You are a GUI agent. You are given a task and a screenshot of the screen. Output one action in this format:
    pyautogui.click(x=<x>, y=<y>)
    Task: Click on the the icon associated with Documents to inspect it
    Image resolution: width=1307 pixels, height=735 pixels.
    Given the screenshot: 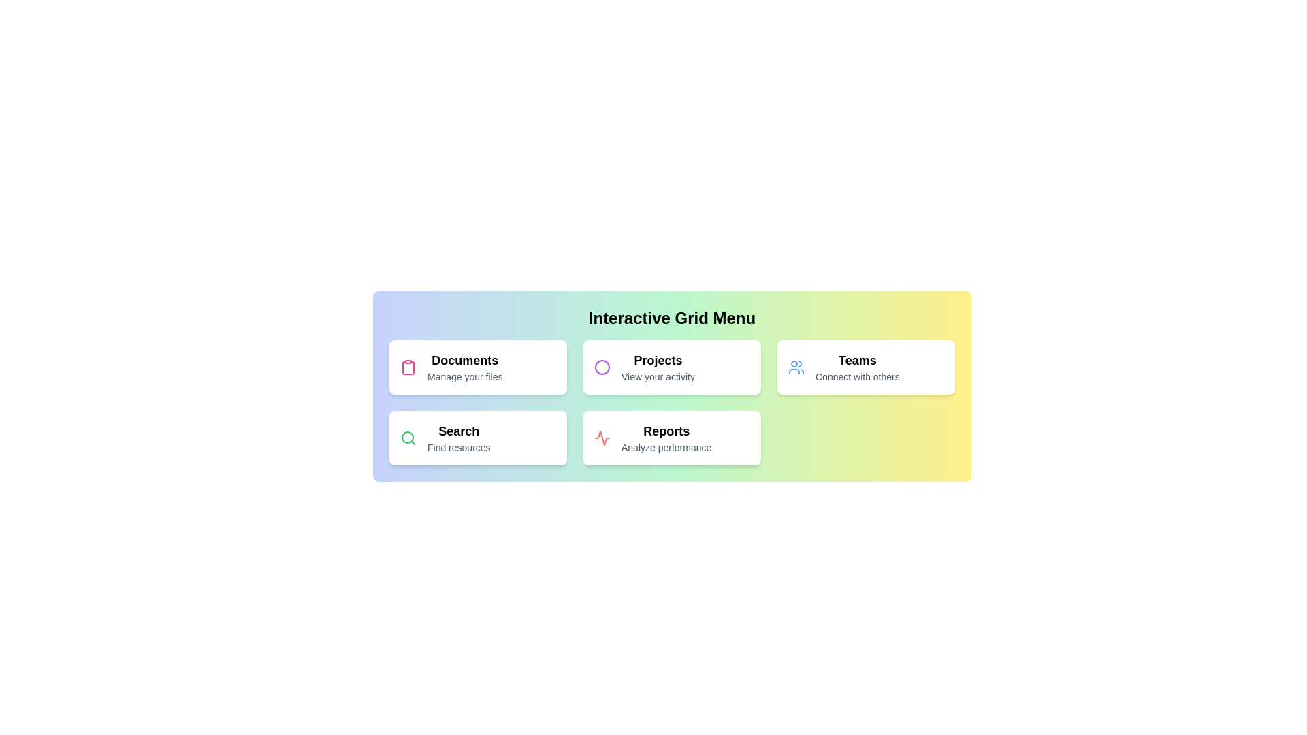 What is the action you would take?
    pyautogui.click(x=408, y=367)
    